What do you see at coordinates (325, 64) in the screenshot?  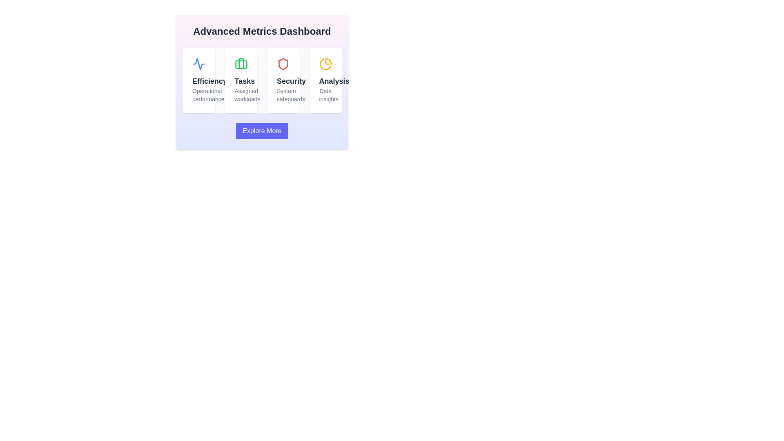 I see `the right-hand segment of the pie chart within the 'Analysis' icon at the top of the card labeled 'Analysis' in the dashboard` at bounding box center [325, 64].